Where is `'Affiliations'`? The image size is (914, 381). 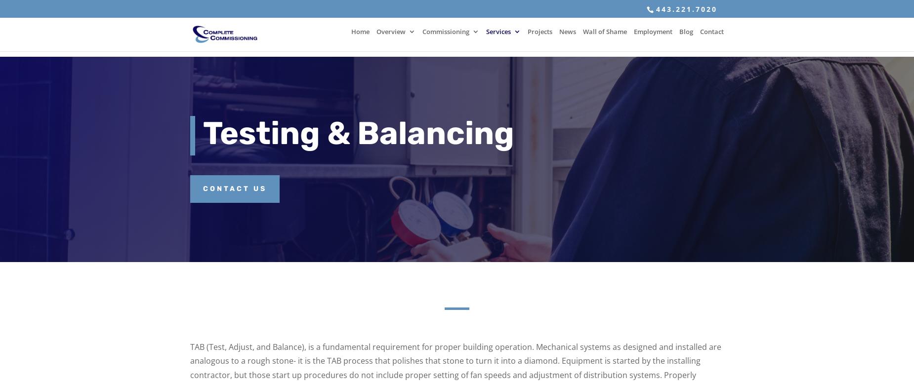 'Affiliations' is located at coordinates (406, 116).